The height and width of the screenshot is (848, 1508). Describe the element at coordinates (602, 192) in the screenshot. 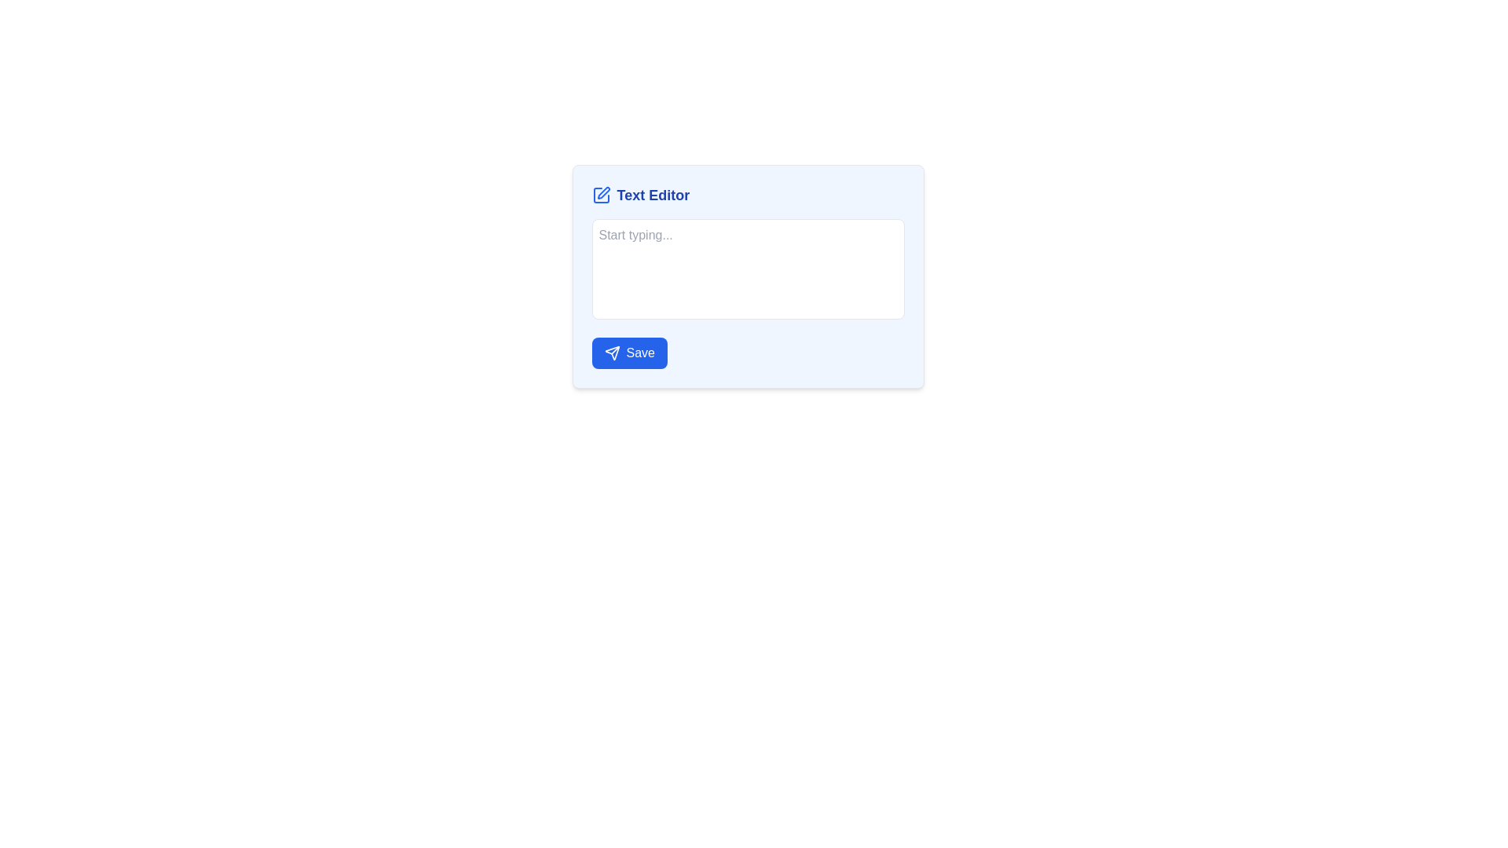

I see `the blue pen icon indicating an editing feature, located next to the title text 'Text Editor' in the top left of the text editor's header` at that location.